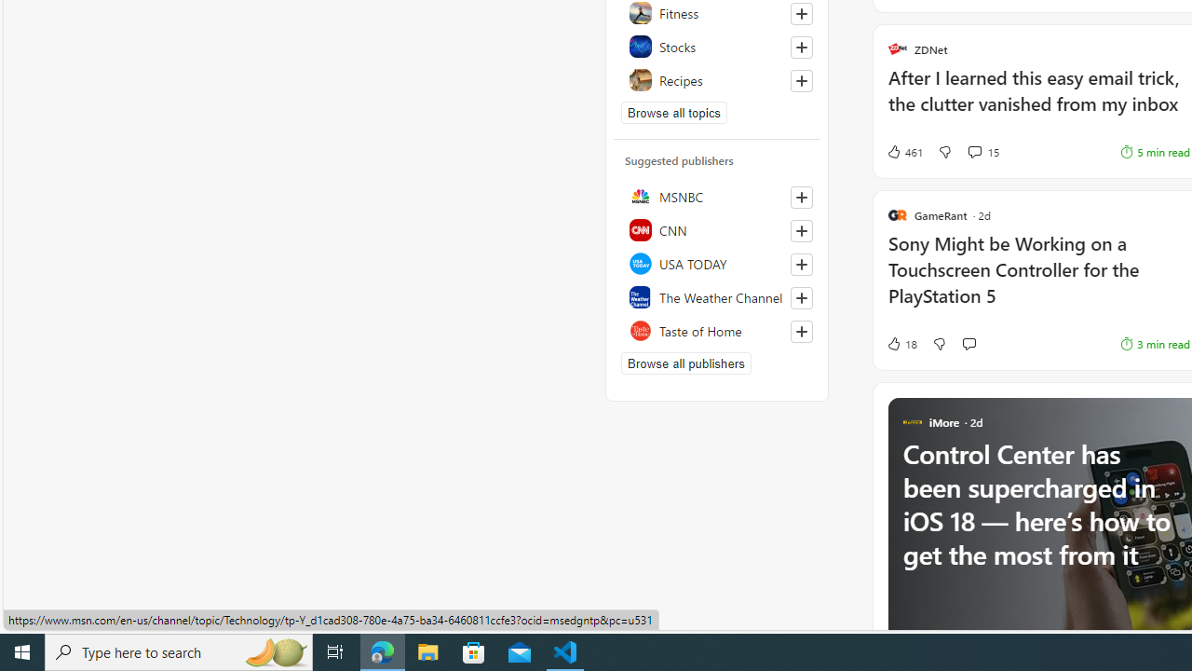 This screenshot has width=1192, height=671. What do you see at coordinates (716, 295) in the screenshot?
I see `'The Weather Channel'` at bounding box center [716, 295].